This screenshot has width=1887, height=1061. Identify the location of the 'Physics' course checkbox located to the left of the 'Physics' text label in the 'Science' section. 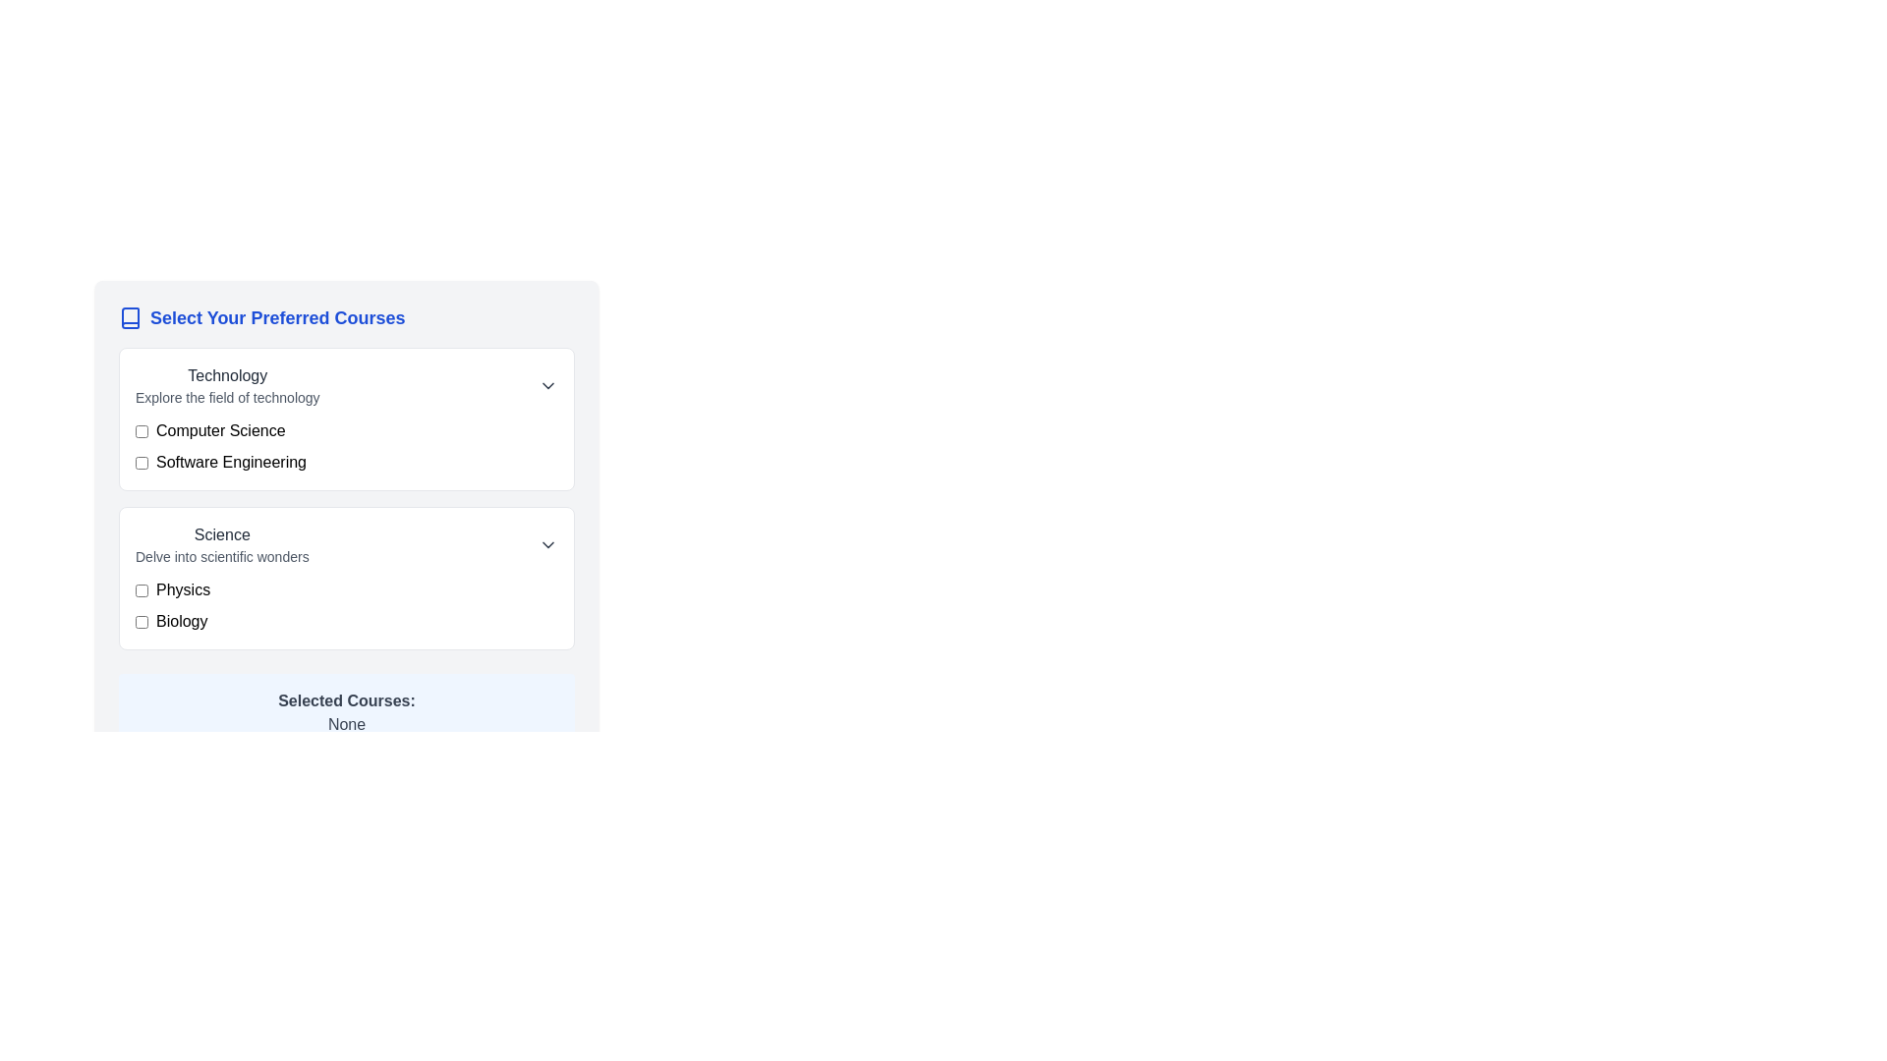
(141, 589).